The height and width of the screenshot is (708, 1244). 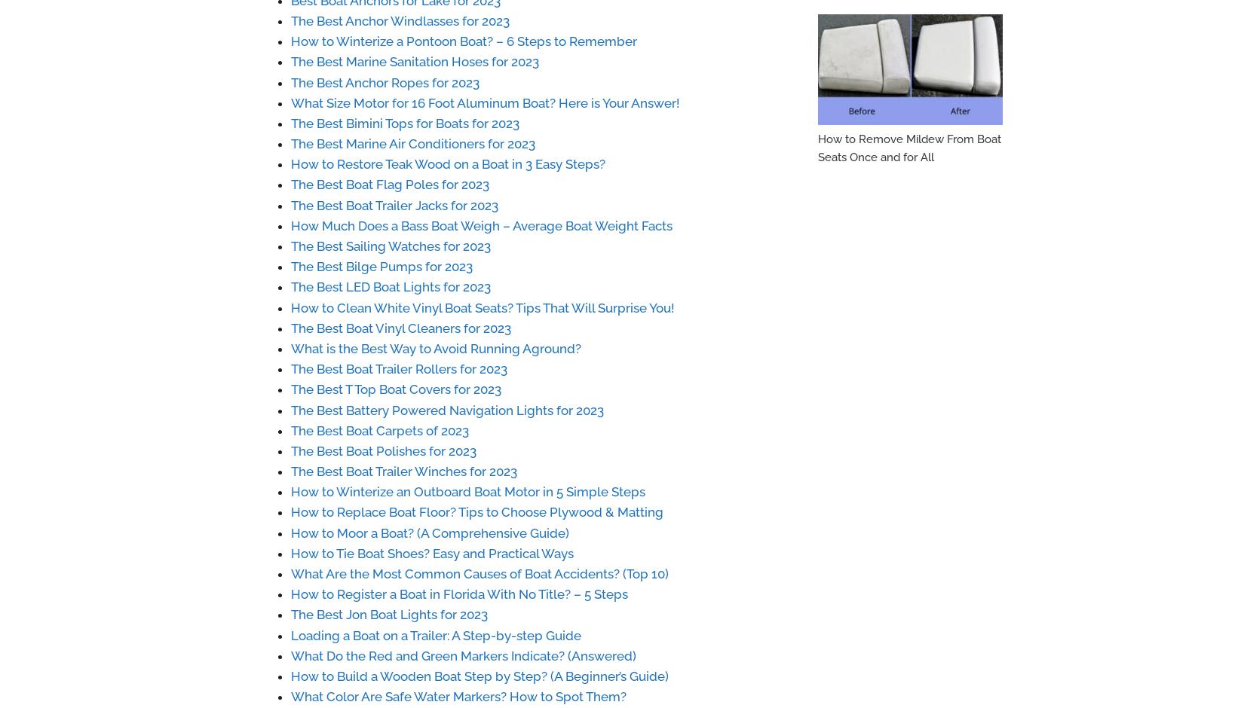 What do you see at coordinates (462, 655) in the screenshot?
I see `'What Do the Red and Green Markers Indicate? (Answered)'` at bounding box center [462, 655].